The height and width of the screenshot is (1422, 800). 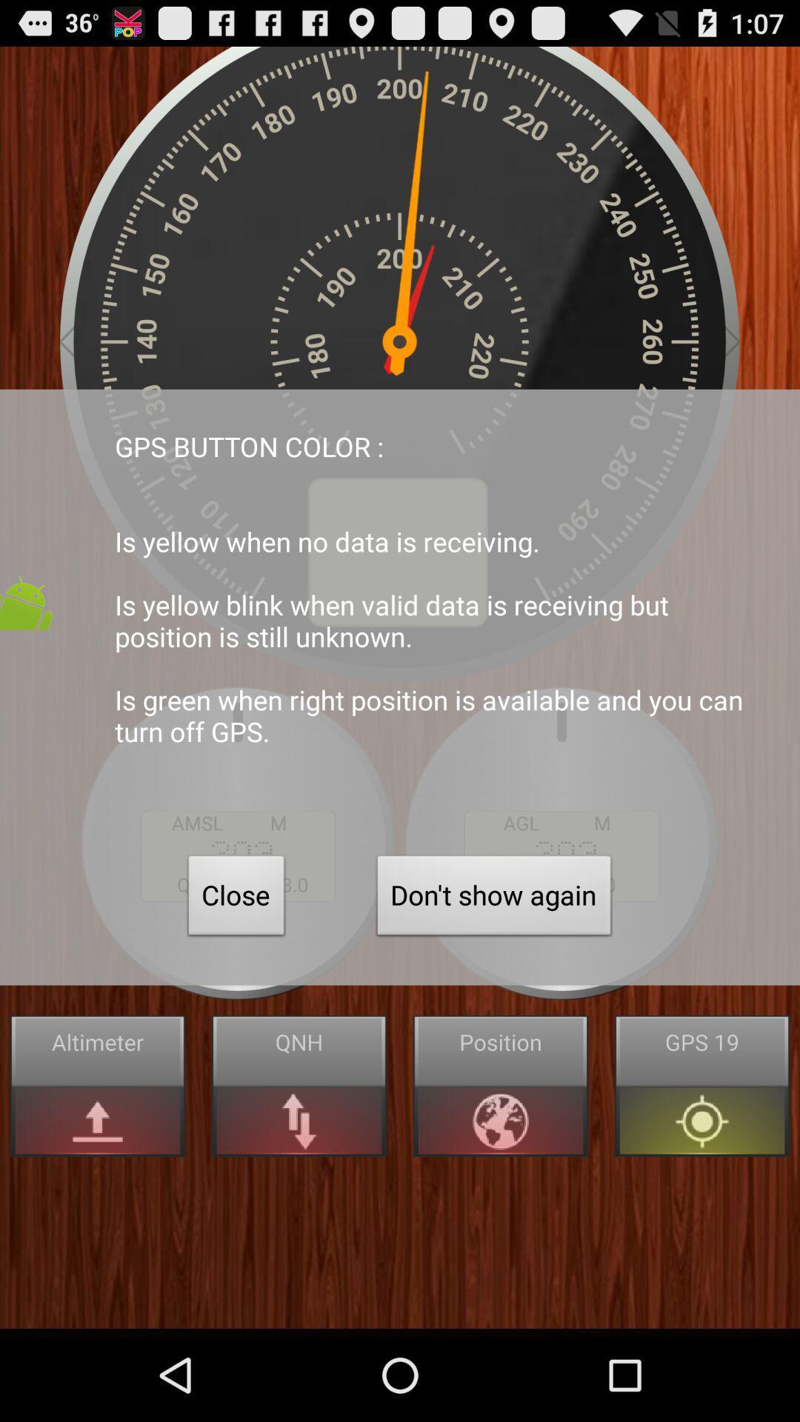 What do you see at coordinates (236, 898) in the screenshot?
I see `the button to the left of the don t show icon` at bounding box center [236, 898].